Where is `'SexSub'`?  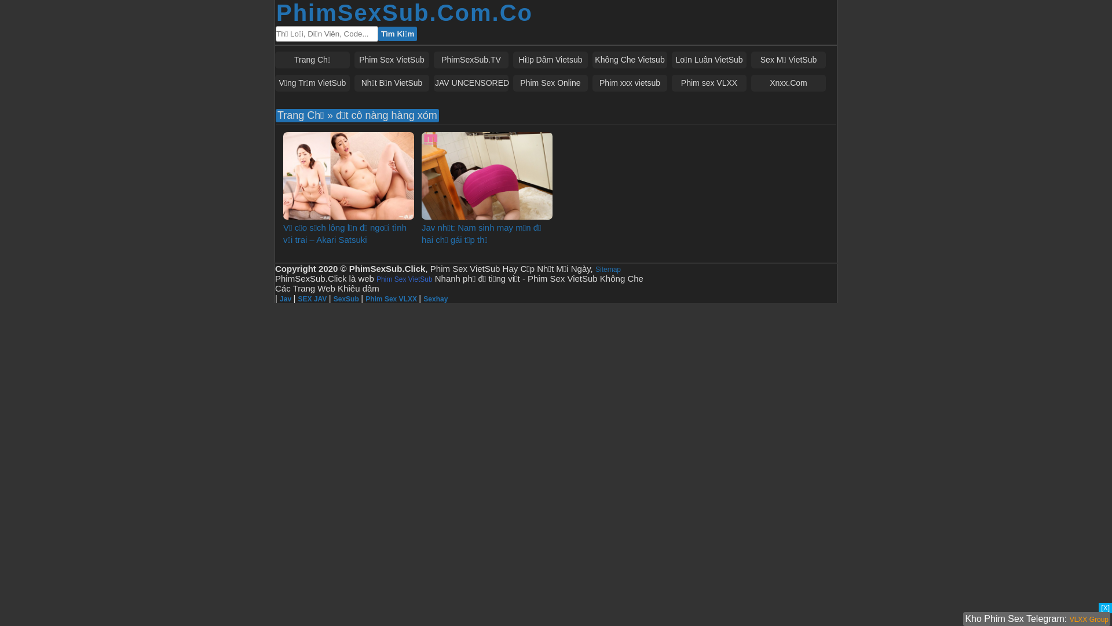
'SexSub' is located at coordinates (346, 299).